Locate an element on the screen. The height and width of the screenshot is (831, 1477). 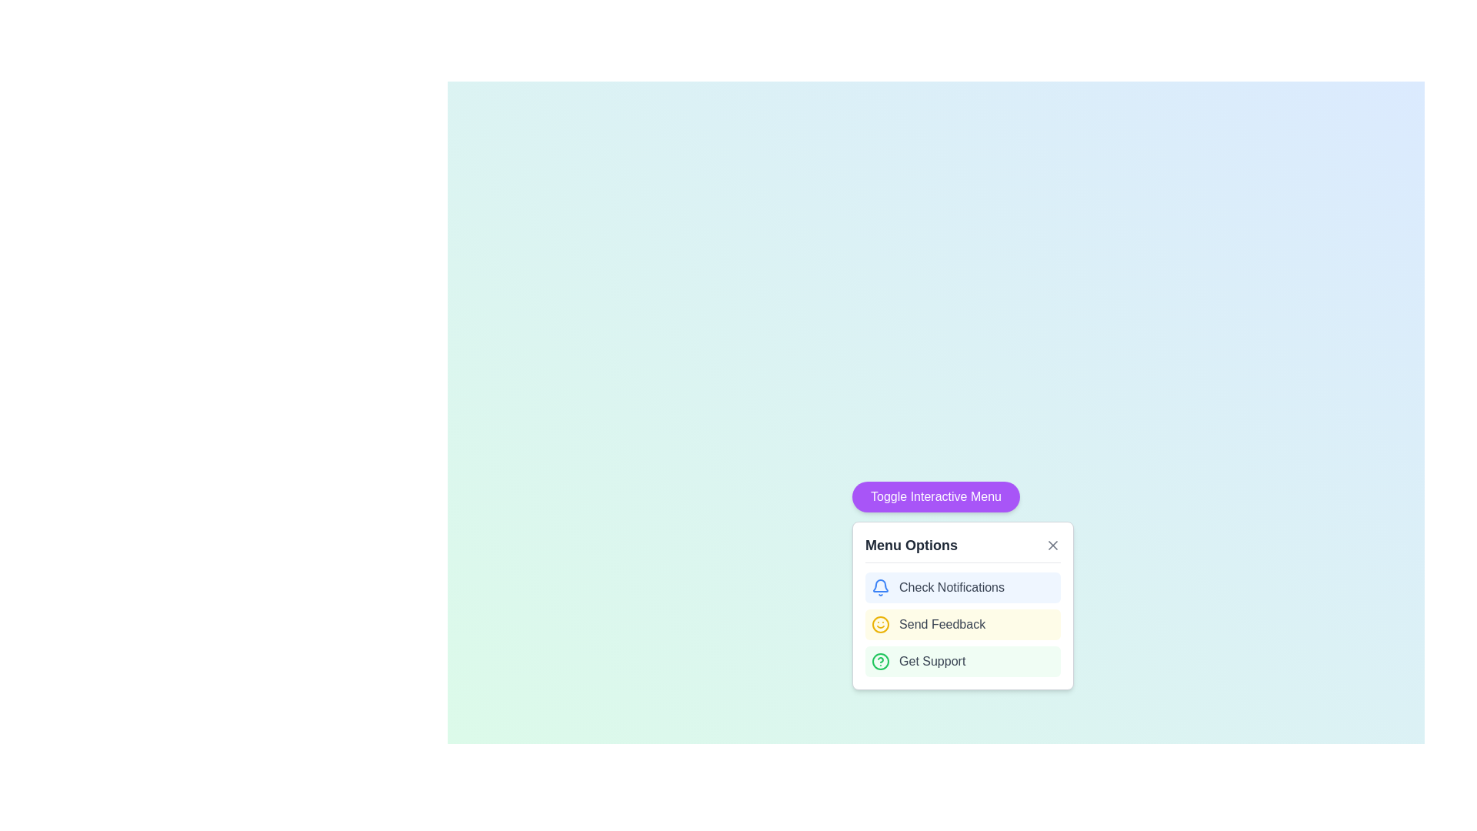
the static text heading that serves as a label for the menu section, located at the top-left corner inside the menu panel, directly underneath the 'Toggle Interactive Menu' button is located at coordinates (912, 545).